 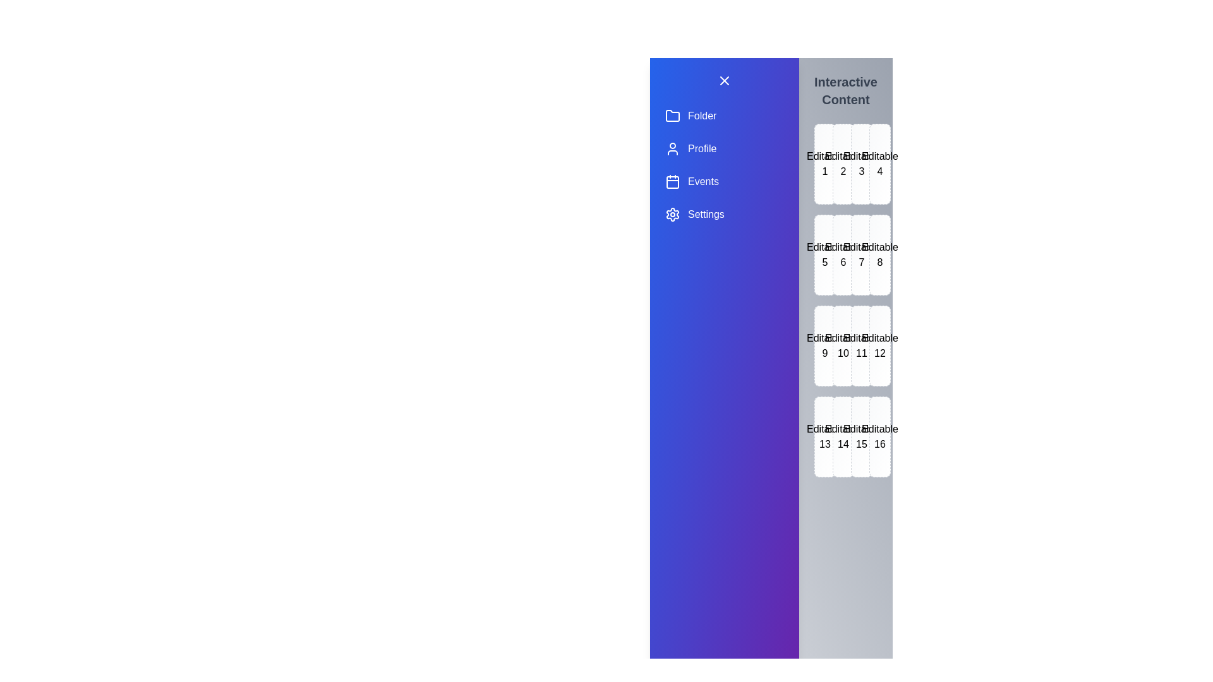 What do you see at coordinates (724, 116) in the screenshot?
I see `the drawer item labeled Folder` at bounding box center [724, 116].